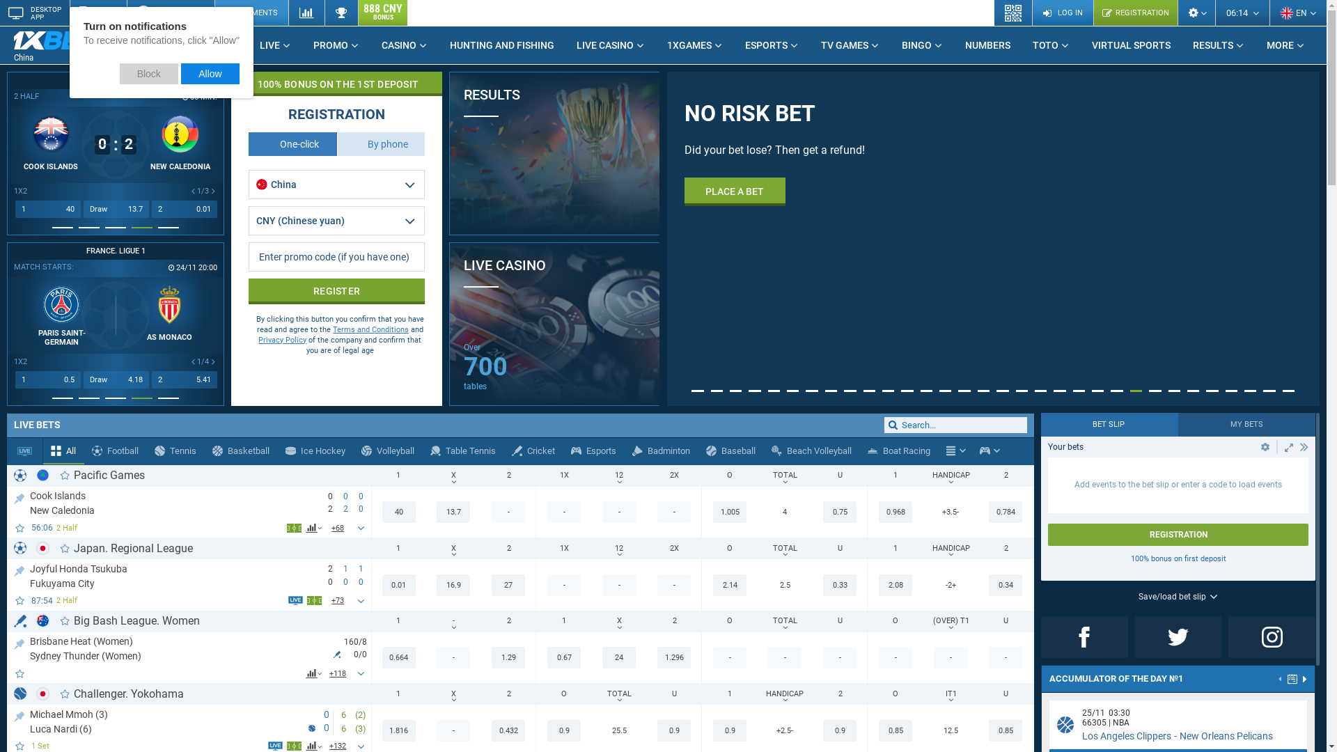 The height and width of the screenshot is (752, 1337). I want to click on 'CASINO', so click(403, 45).